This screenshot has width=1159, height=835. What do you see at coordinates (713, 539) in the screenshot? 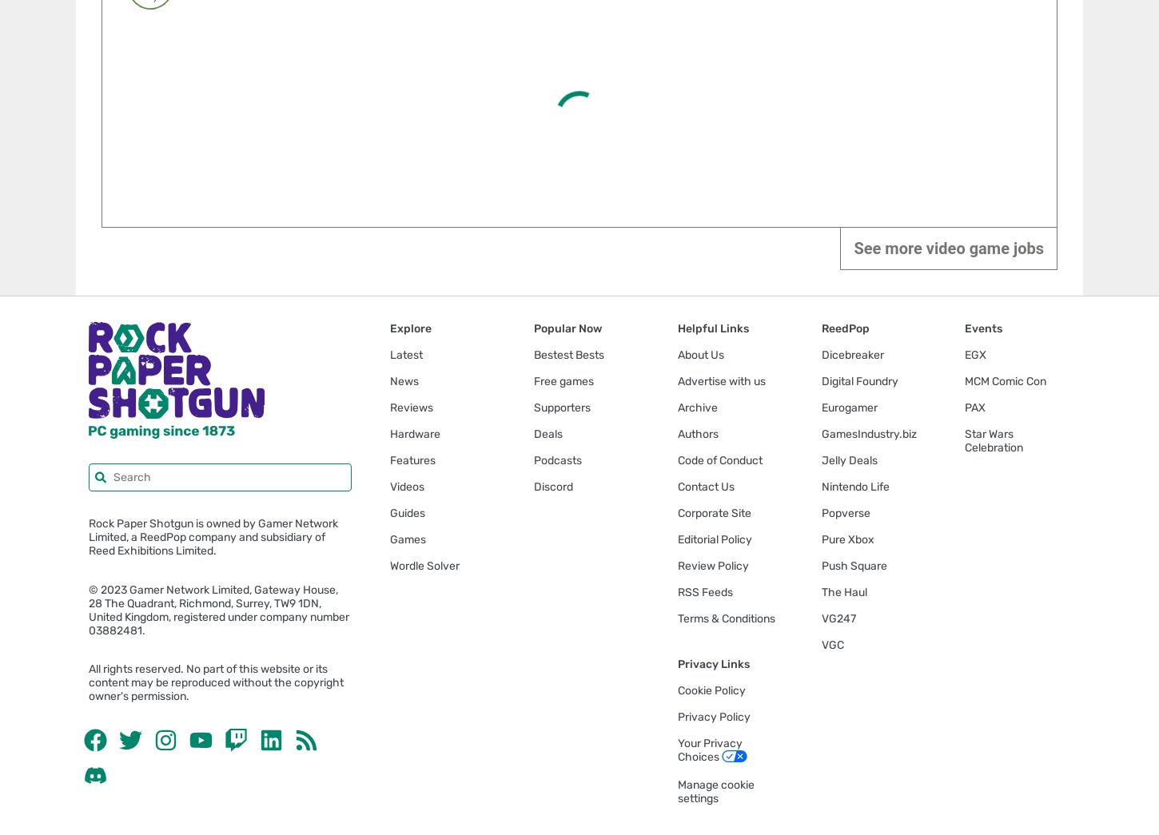
I see `'Editorial Policy'` at bounding box center [713, 539].